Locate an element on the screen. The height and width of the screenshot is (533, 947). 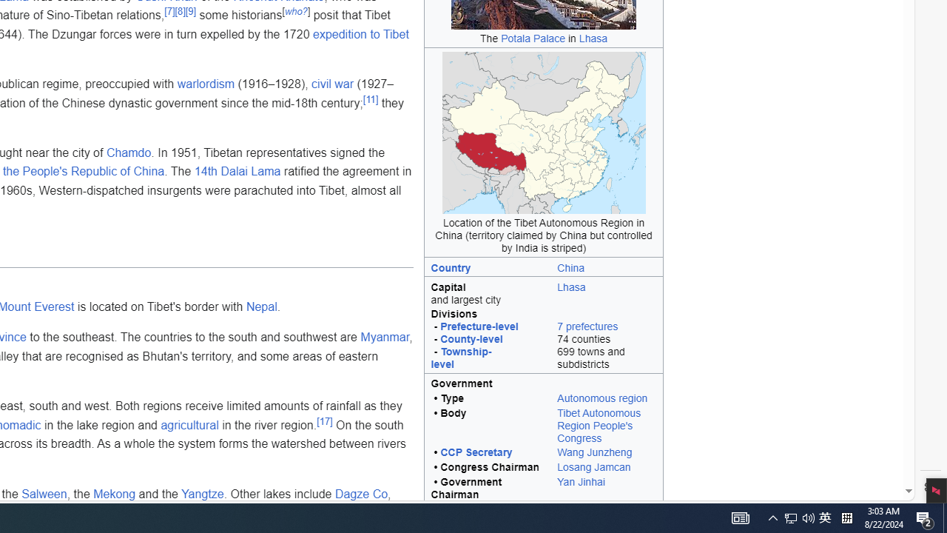
'Potala Palace' is located at coordinates (533, 37).